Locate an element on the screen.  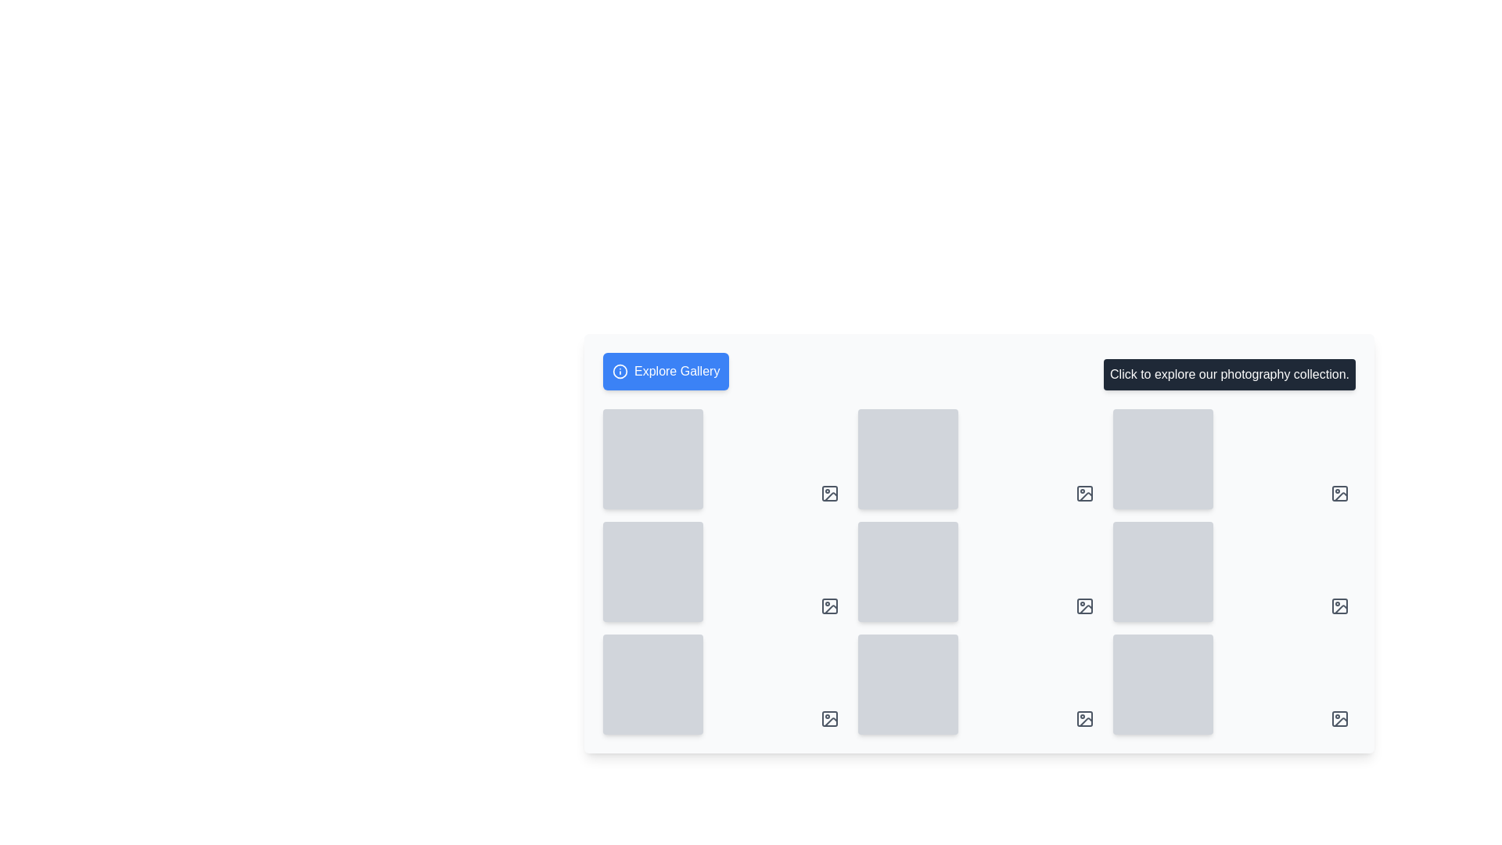
the small gray image placeholder icon located at the bottom-right corner of a grid cell is located at coordinates (1084, 606).